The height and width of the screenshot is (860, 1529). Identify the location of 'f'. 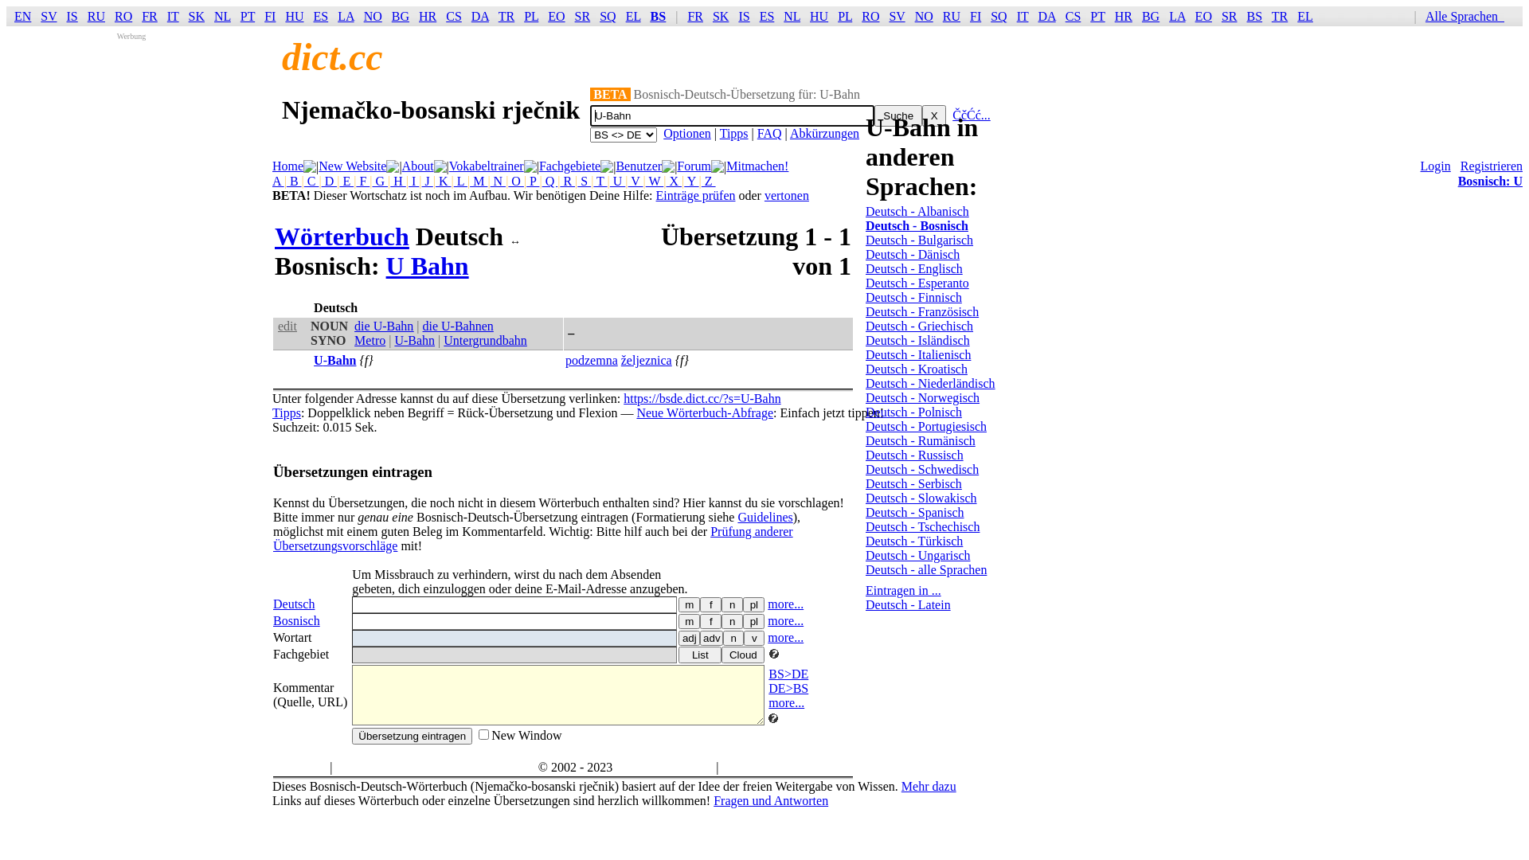
(710, 620).